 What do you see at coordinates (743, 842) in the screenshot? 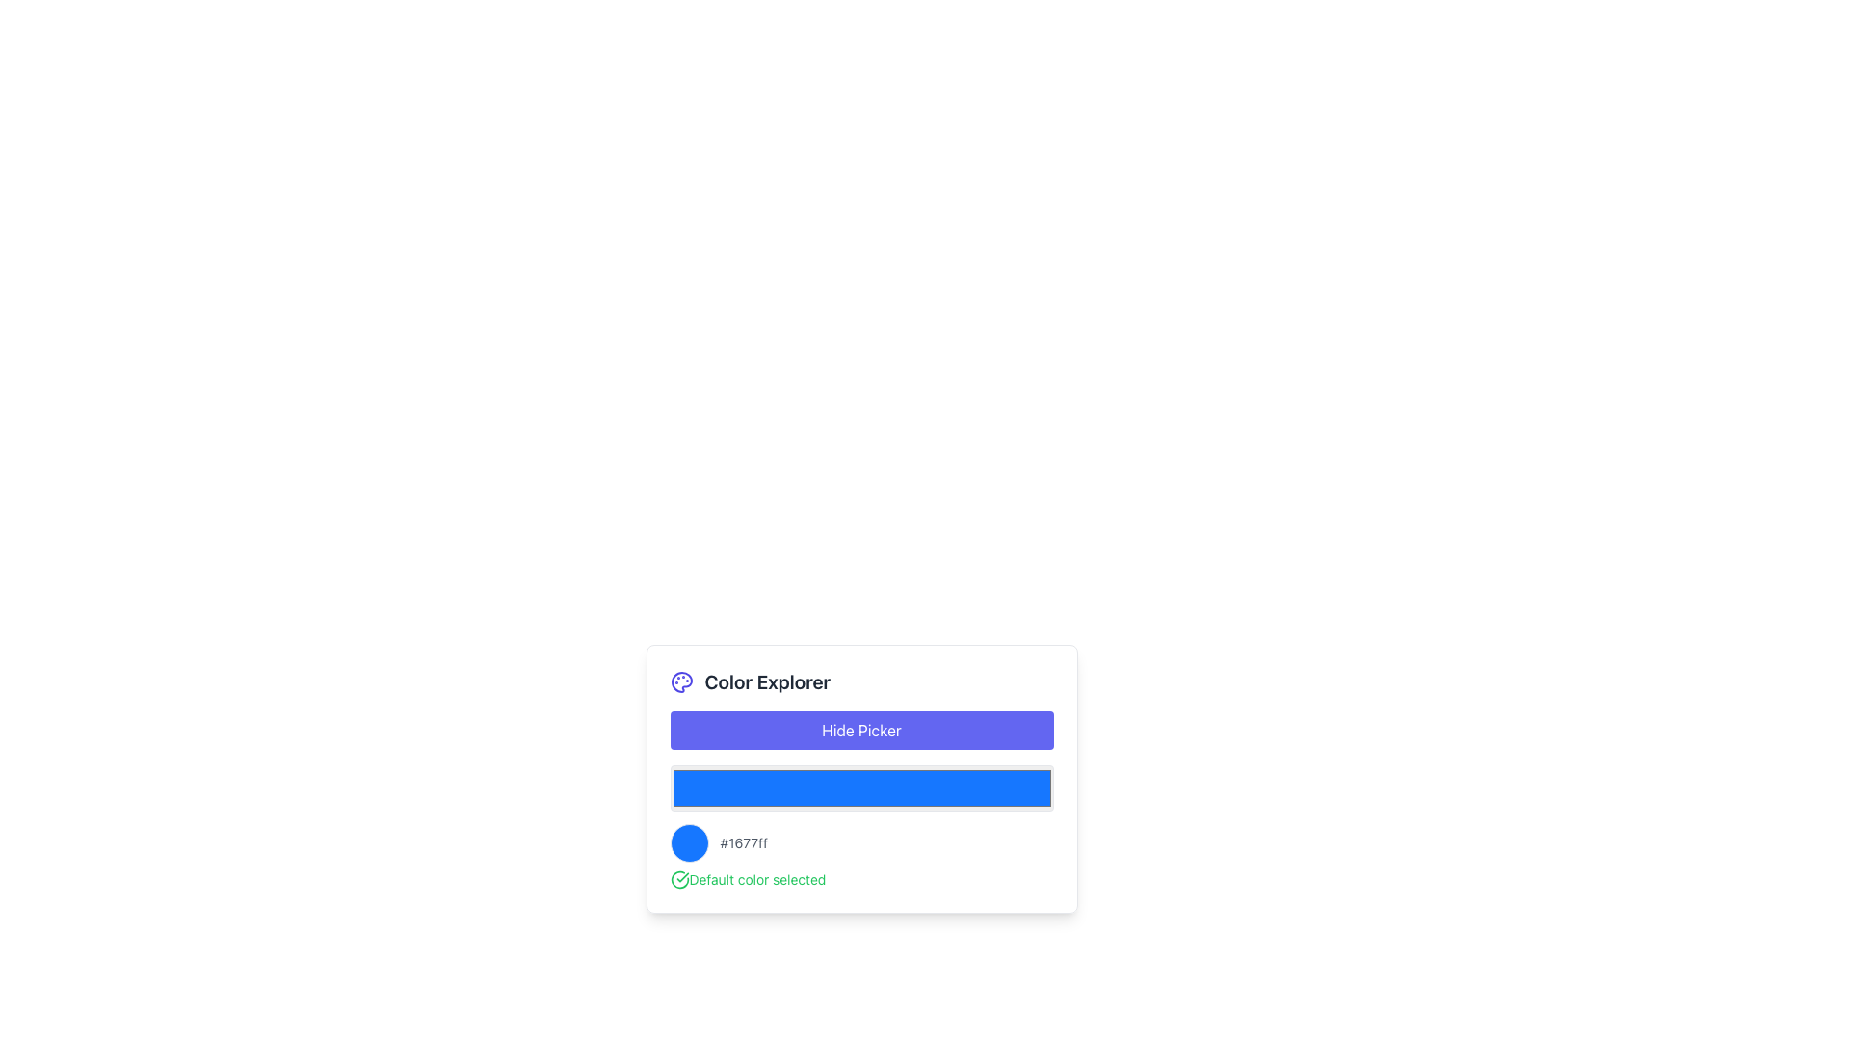
I see `displayed color code value from the text label located to the right of the circular blue color indicator and below the blue rectangular color bar in the color settings panel` at bounding box center [743, 842].